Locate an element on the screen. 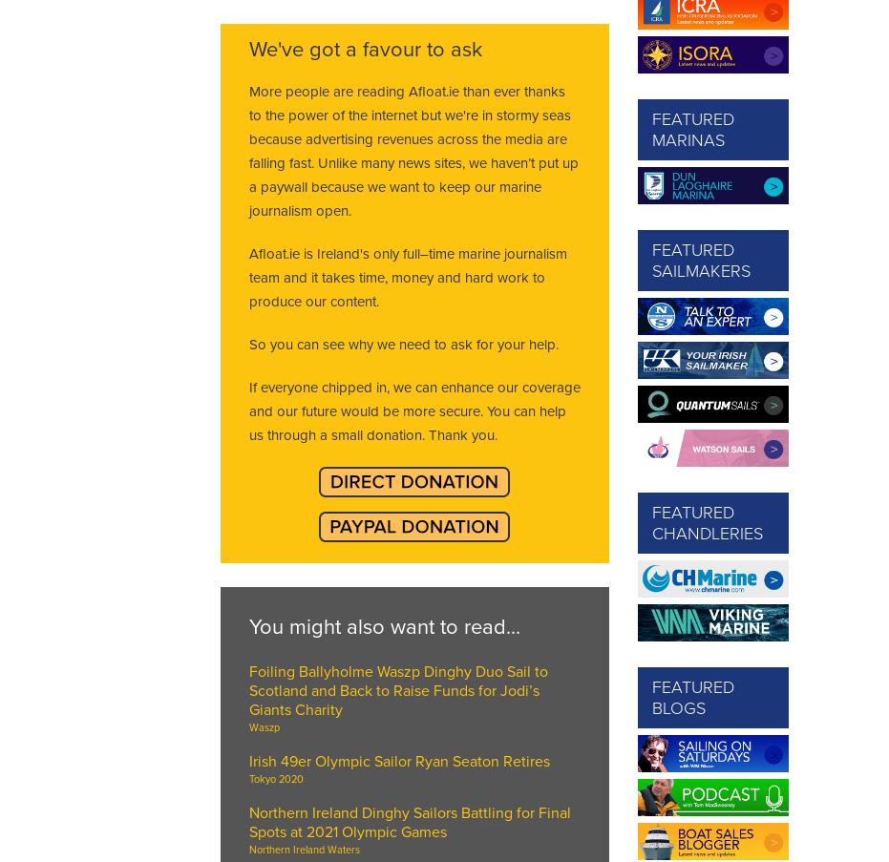 This screenshot has width=889, height=862. 'We've got a favour to ask' is located at coordinates (364, 48).